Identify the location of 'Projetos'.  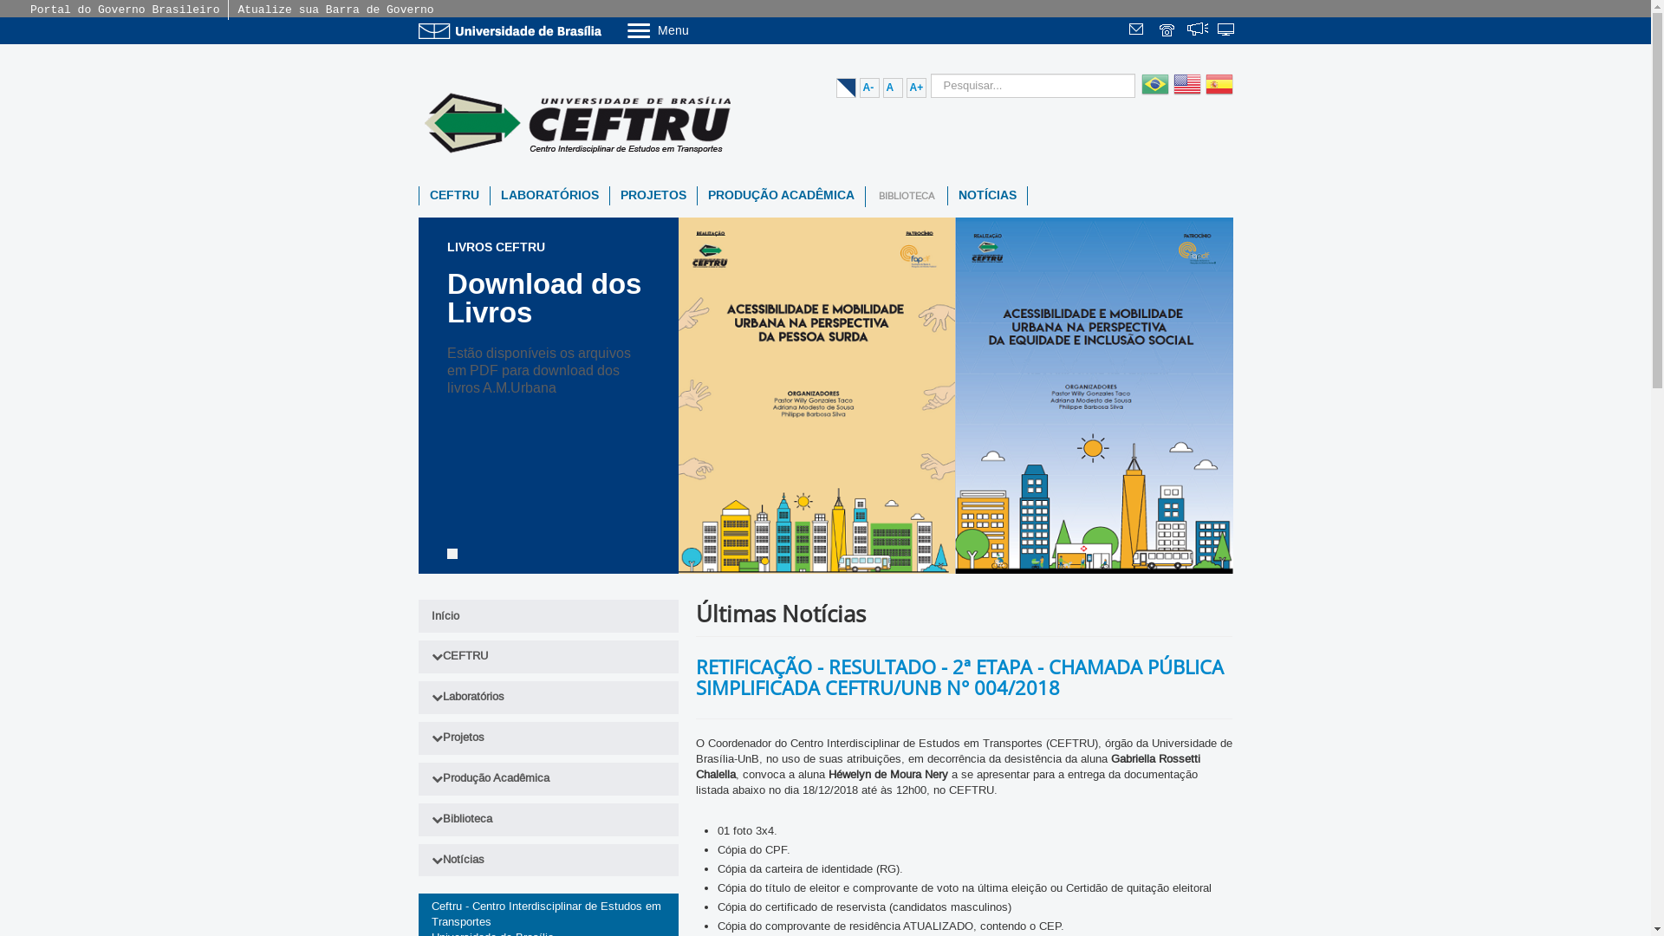
(547, 738).